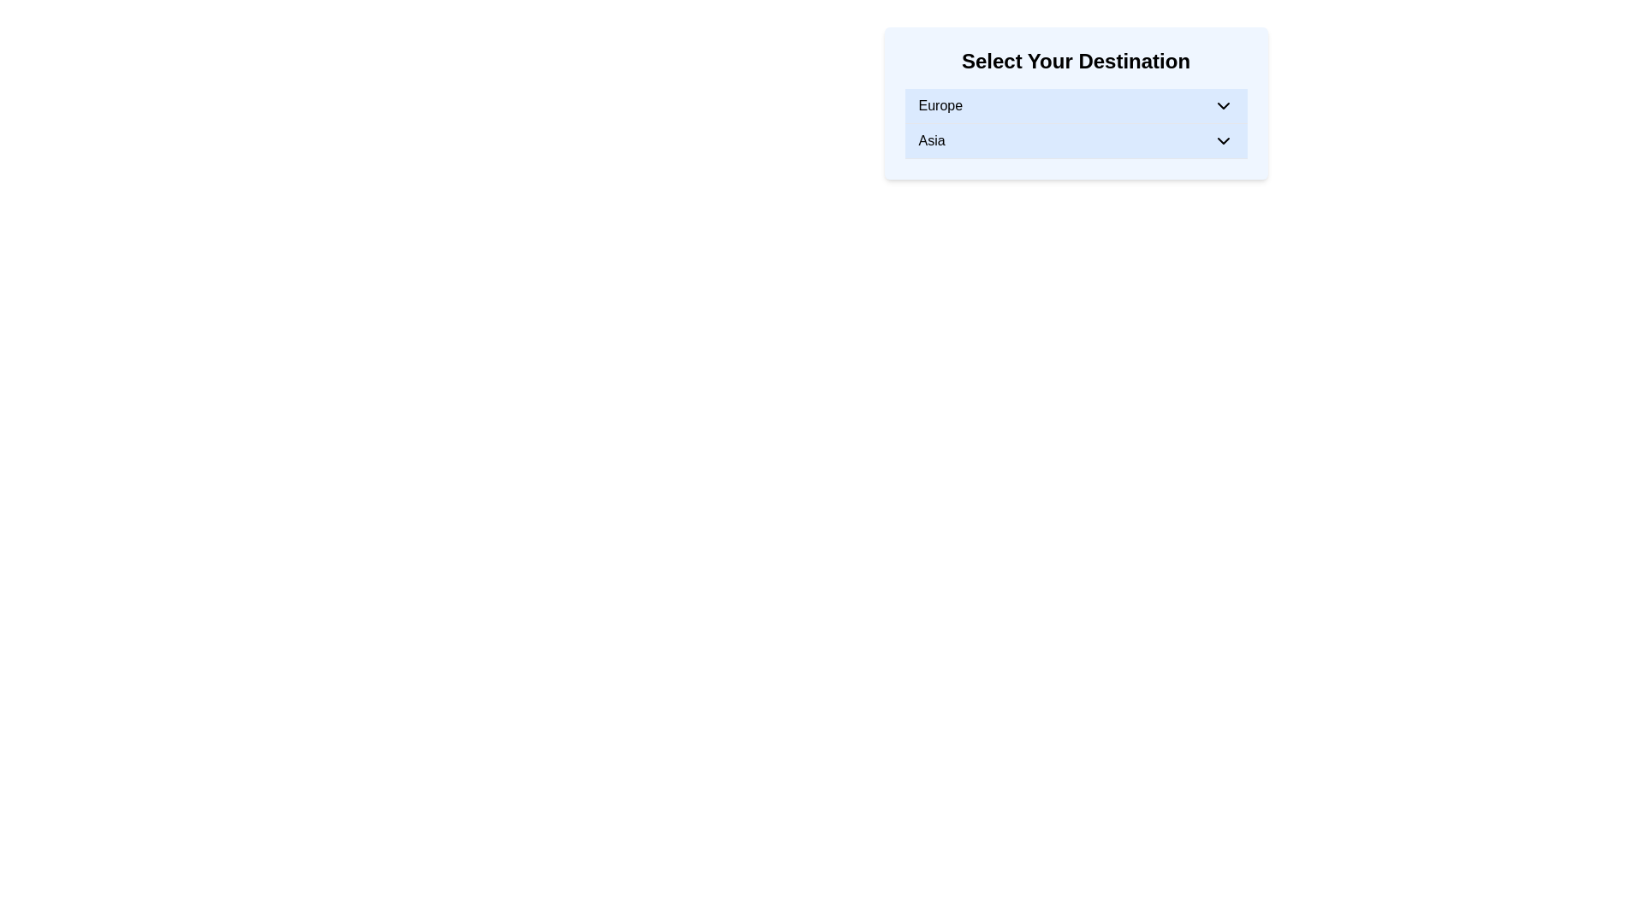  Describe the element at coordinates (1222, 140) in the screenshot. I see `the Dropdown Indicator Icon at the right end of the row labeled 'Asia'` at that location.